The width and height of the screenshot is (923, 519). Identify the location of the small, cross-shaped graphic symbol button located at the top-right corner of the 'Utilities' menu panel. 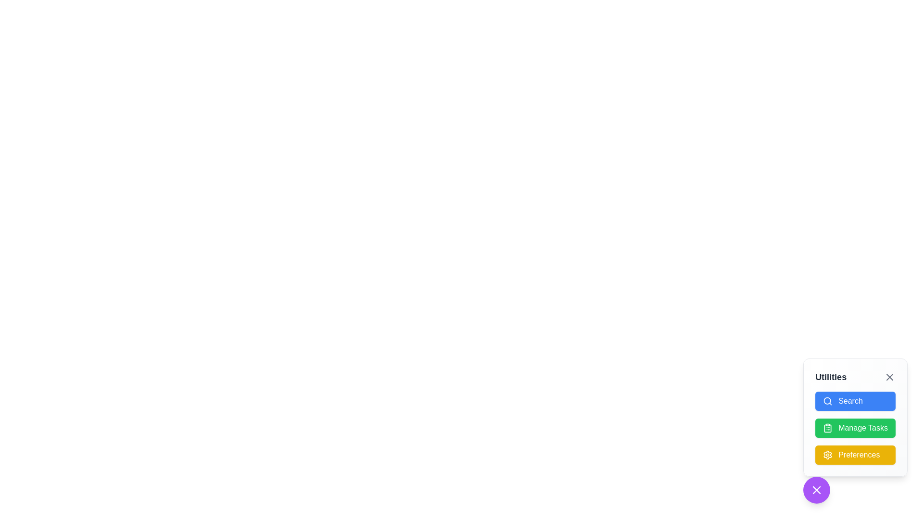
(889, 377).